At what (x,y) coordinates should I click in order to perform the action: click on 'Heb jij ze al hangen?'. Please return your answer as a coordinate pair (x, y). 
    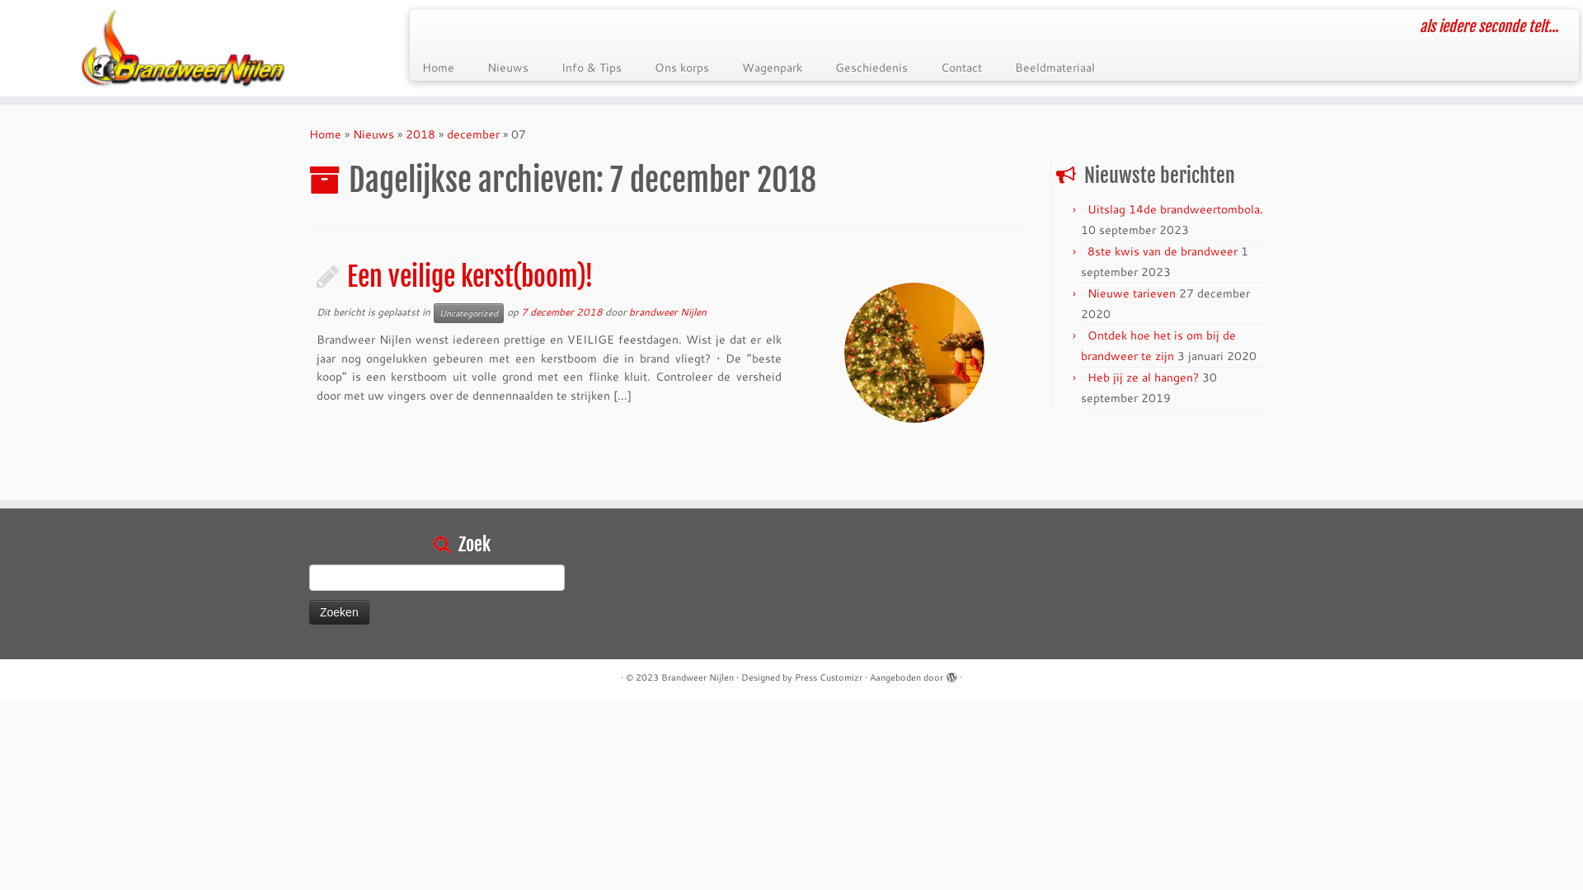
    Looking at the image, I should click on (1087, 377).